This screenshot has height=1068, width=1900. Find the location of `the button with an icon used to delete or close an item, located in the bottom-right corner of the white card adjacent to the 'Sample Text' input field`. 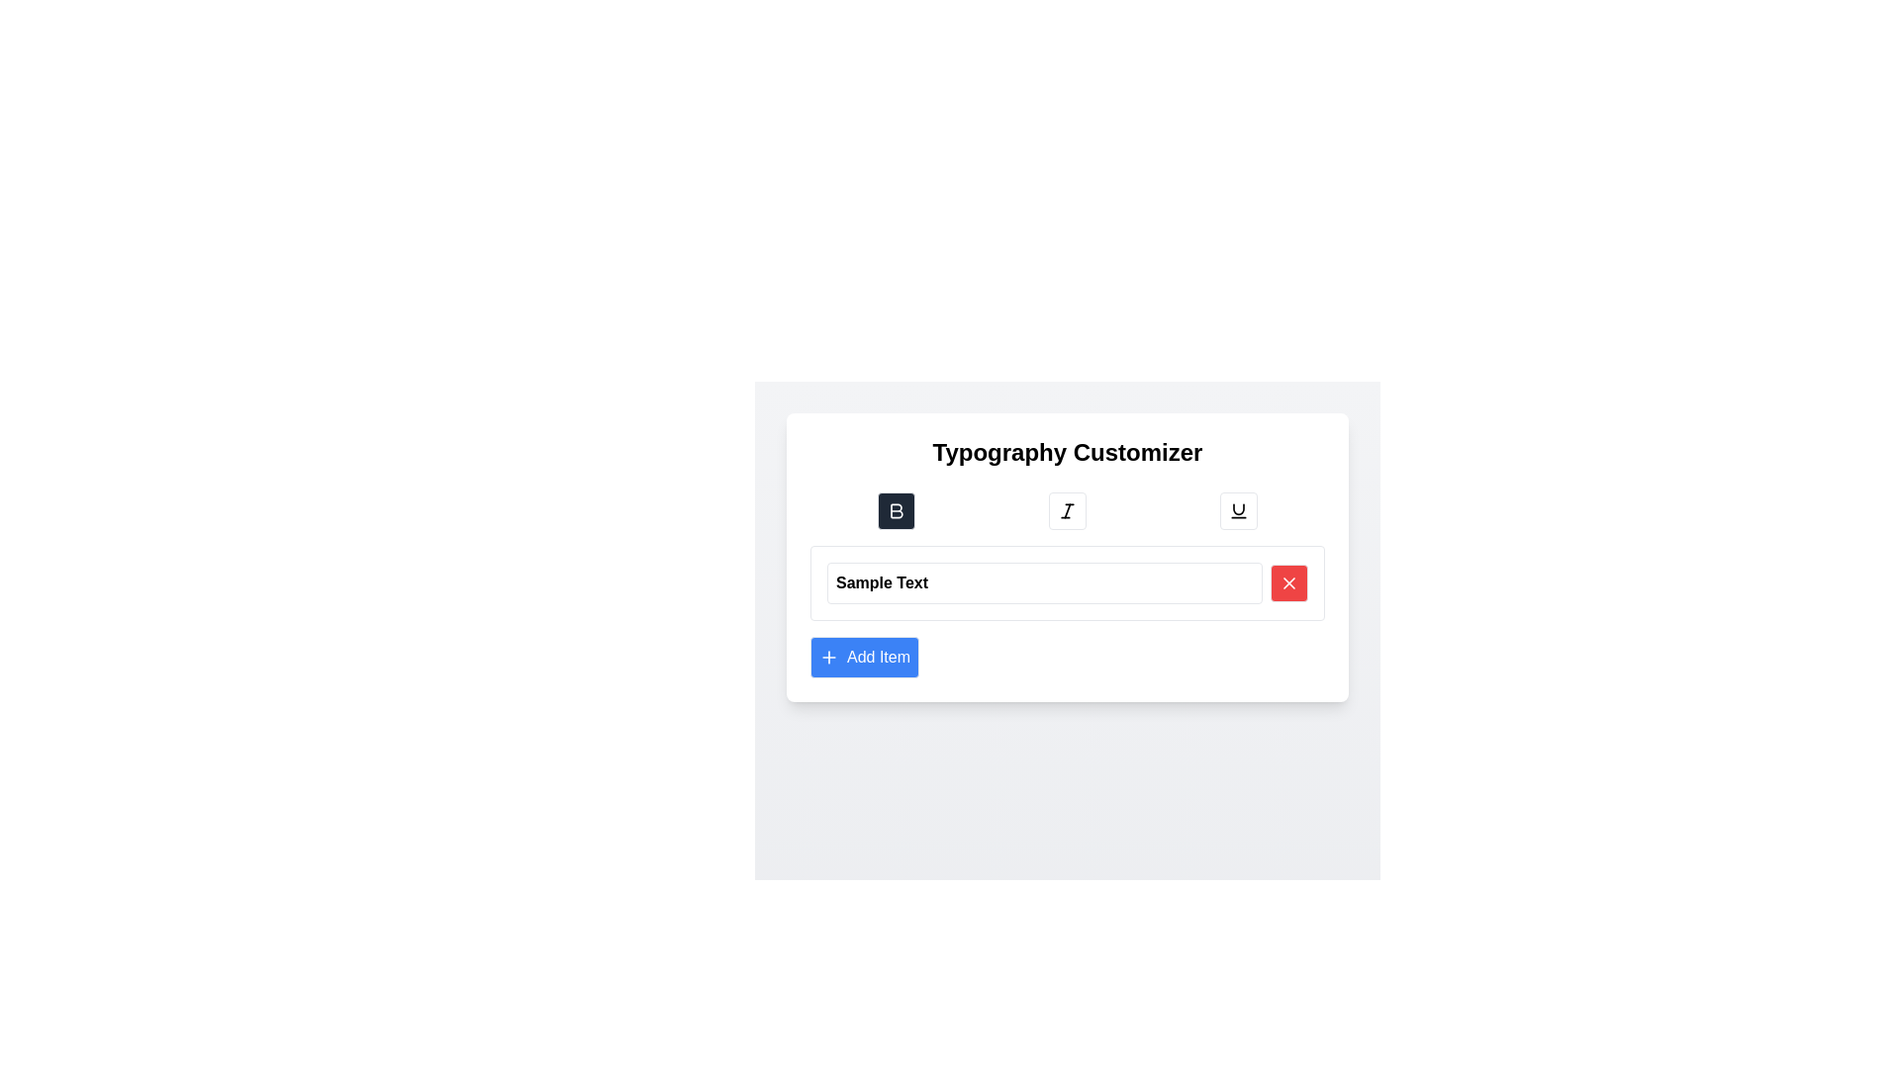

the button with an icon used to delete or close an item, located in the bottom-right corner of the white card adjacent to the 'Sample Text' input field is located at coordinates (1288, 582).